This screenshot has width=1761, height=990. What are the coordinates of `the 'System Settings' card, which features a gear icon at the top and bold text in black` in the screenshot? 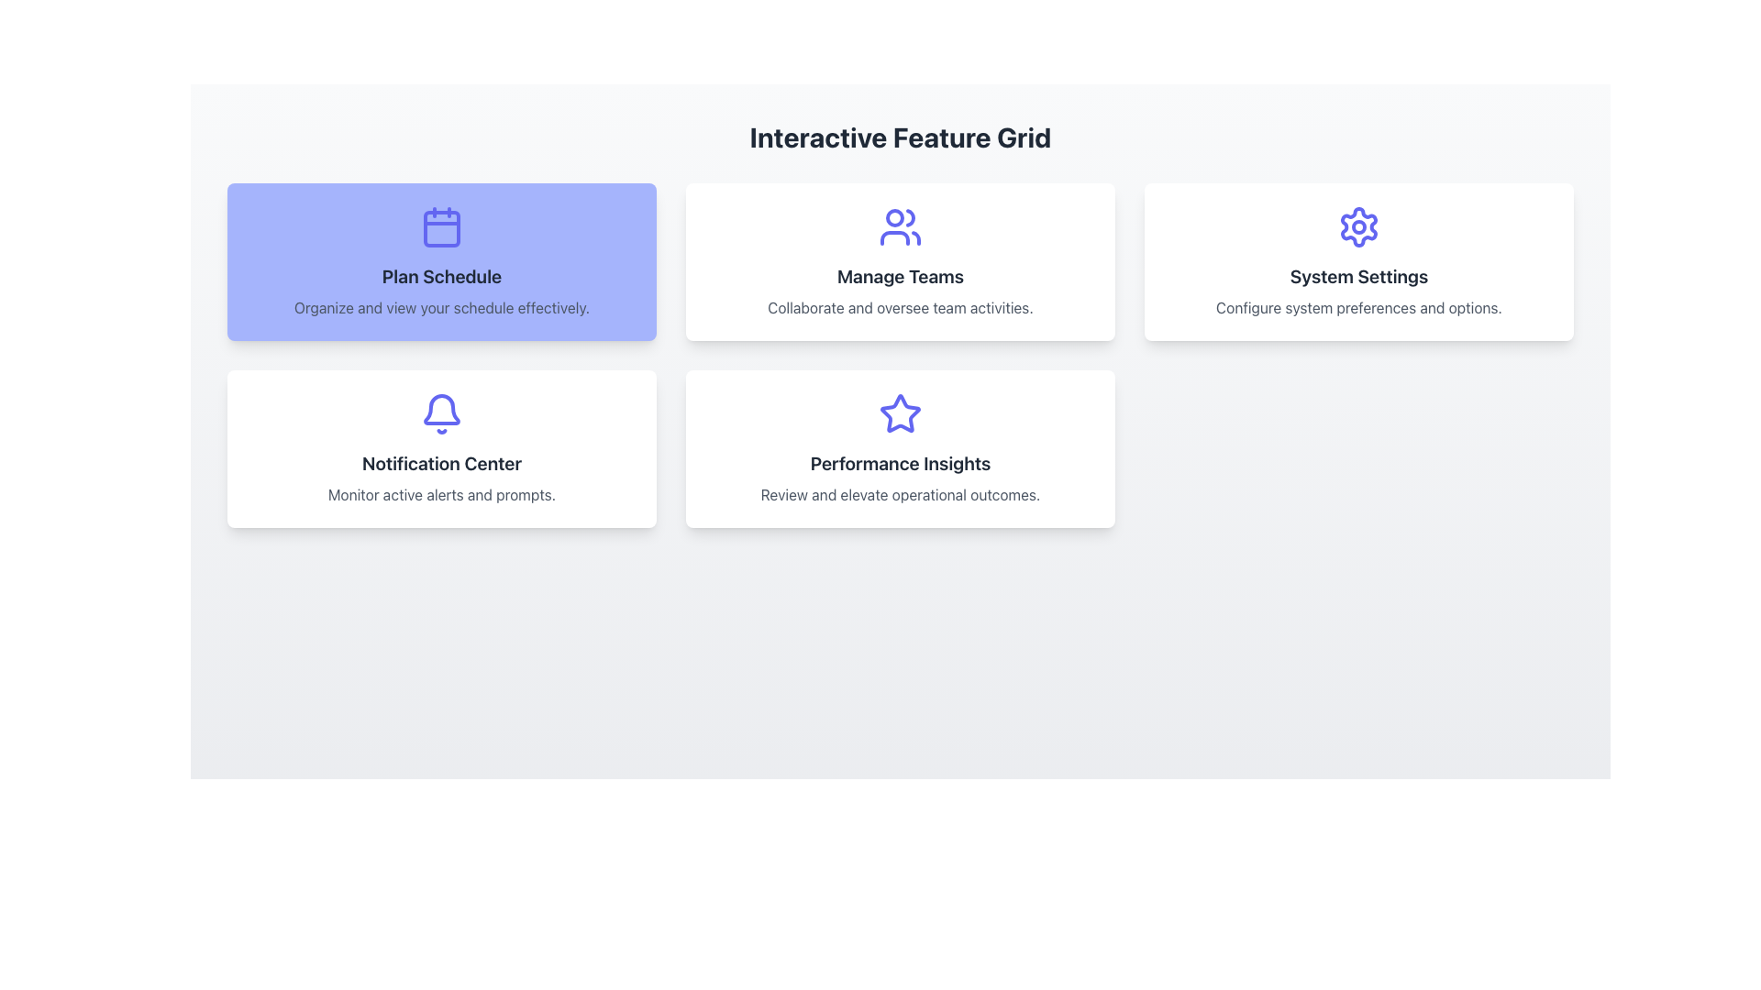 It's located at (1359, 261).